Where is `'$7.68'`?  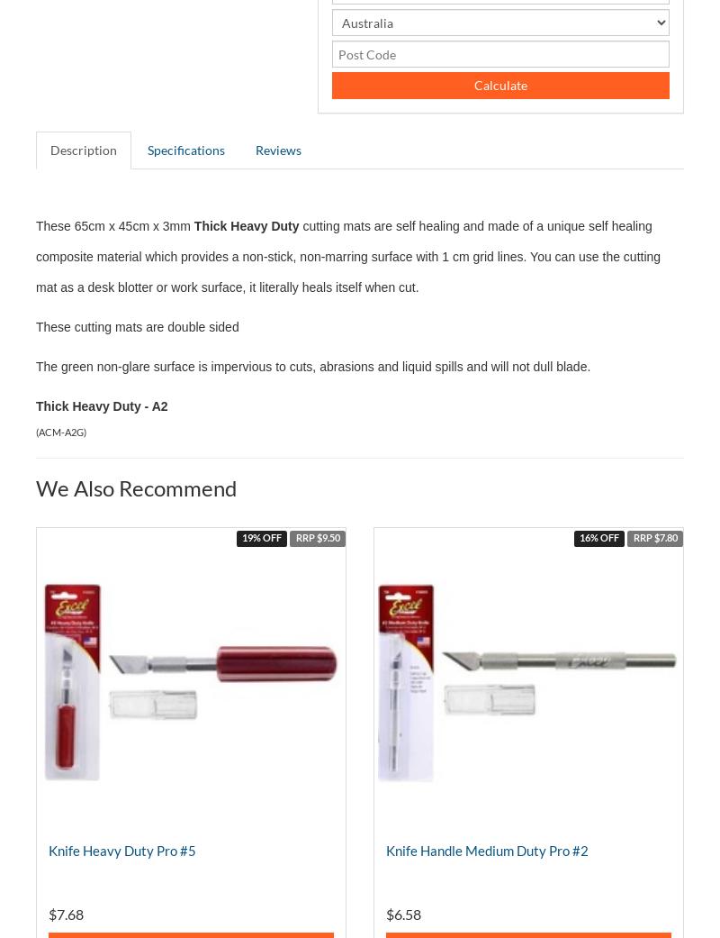 '$7.68' is located at coordinates (66, 914).